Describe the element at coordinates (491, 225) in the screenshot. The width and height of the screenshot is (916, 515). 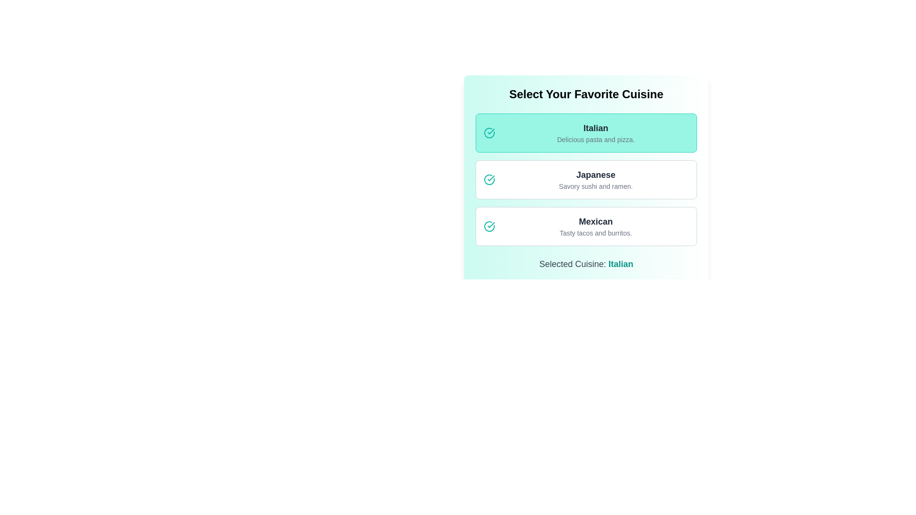
I see `the circular icon that indicates the selection of the 'Japanese' cuisine option, which is located to the left of the 'Japanese' cuisine option in the list` at that location.